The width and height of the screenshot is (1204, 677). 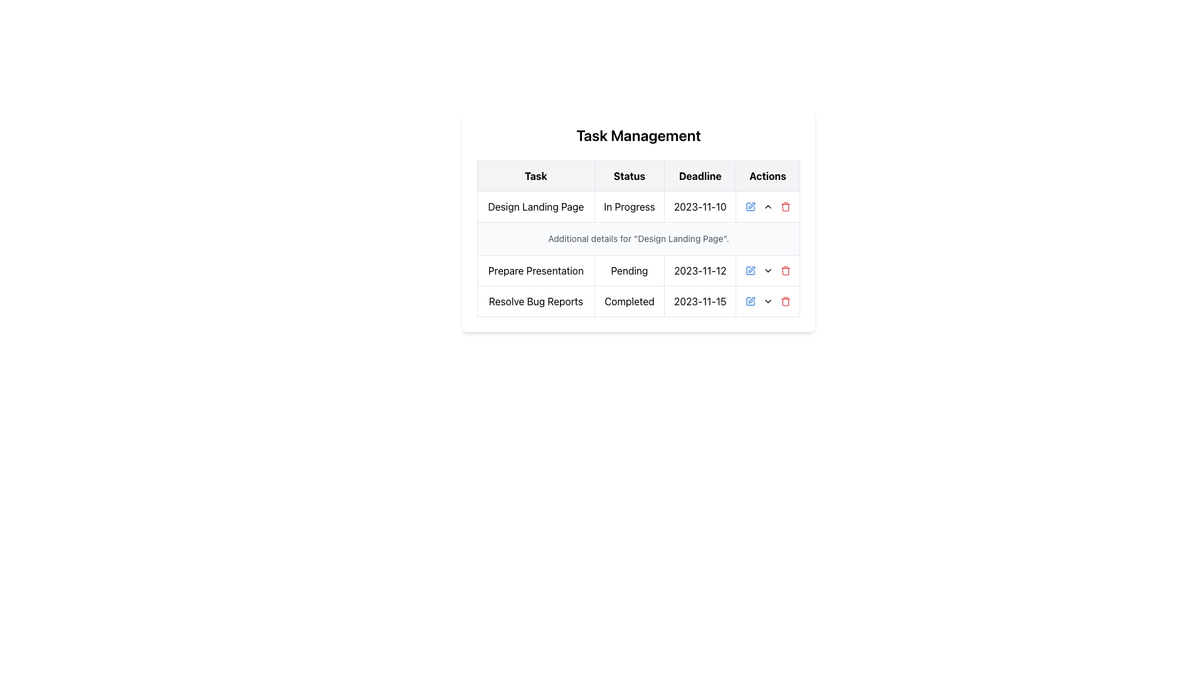 What do you see at coordinates (629, 176) in the screenshot?
I see `the 'Status' column header in the table, which is the second column header representing the 'Status' attribute of the tasks` at bounding box center [629, 176].